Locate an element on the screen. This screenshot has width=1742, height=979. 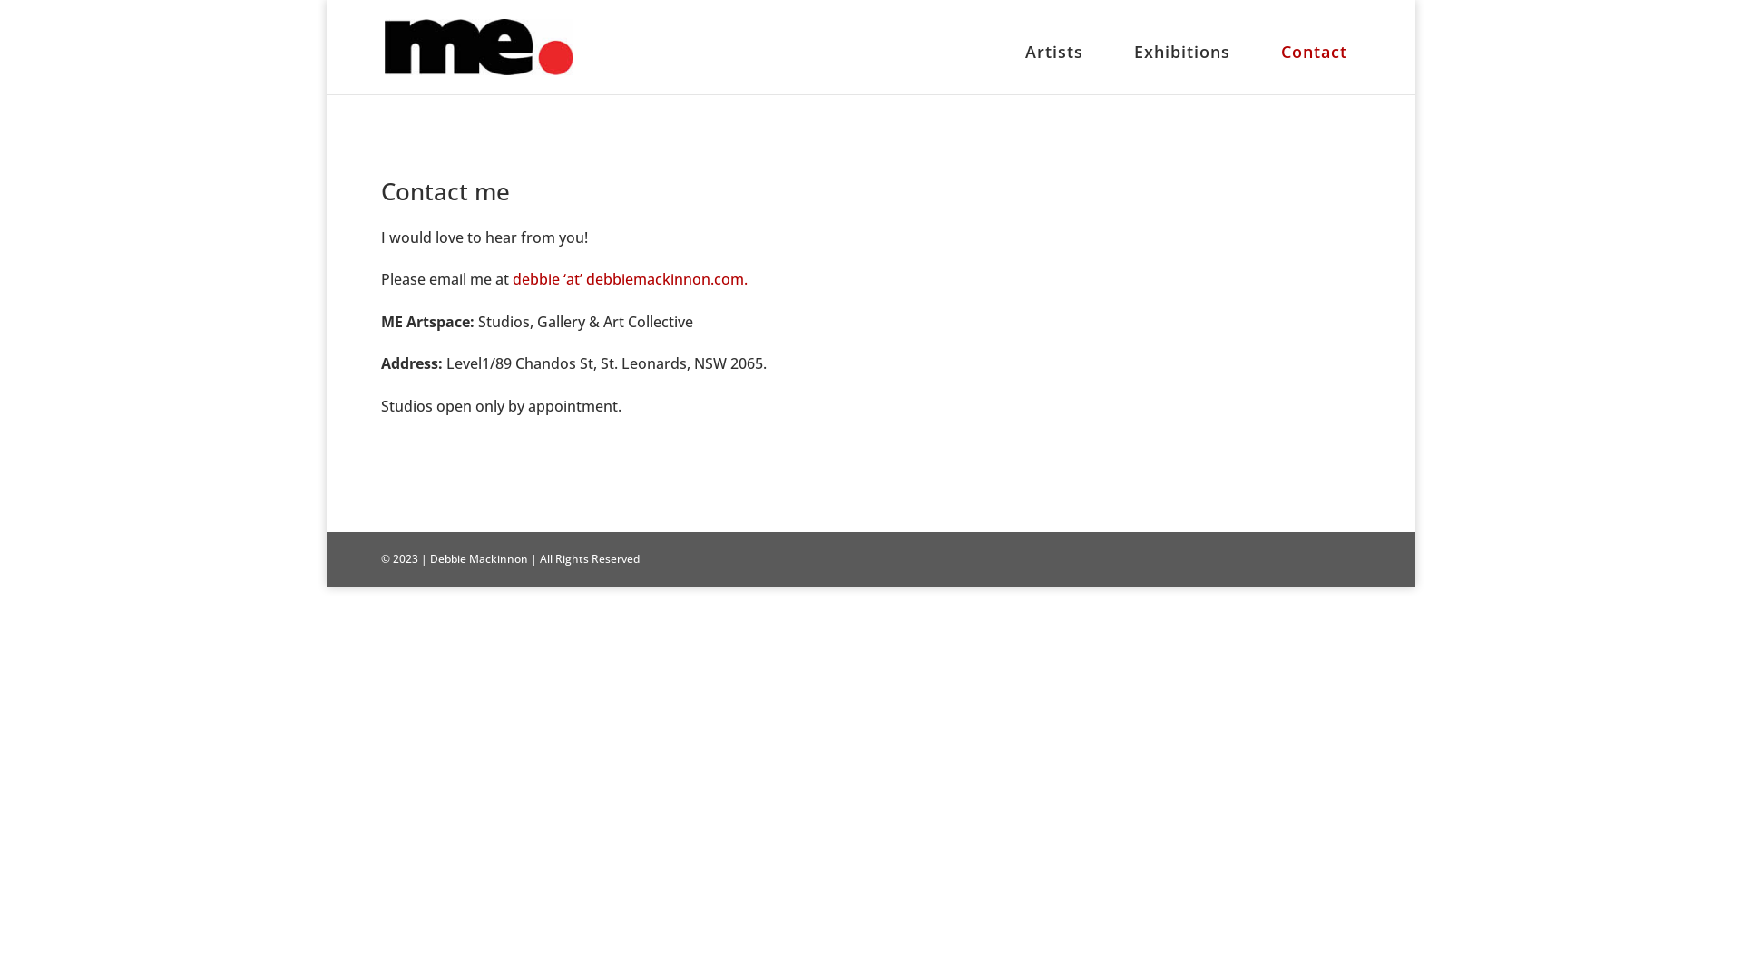
'Contact' is located at coordinates (1314, 64).